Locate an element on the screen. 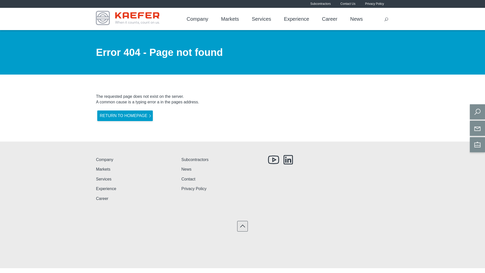  'RETURN TO HOMEPAGE' is located at coordinates (125, 116).